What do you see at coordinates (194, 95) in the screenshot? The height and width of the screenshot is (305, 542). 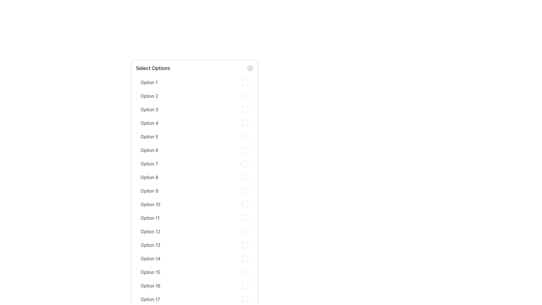 I see `the second selectable option in the list` at bounding box center [194, 95].